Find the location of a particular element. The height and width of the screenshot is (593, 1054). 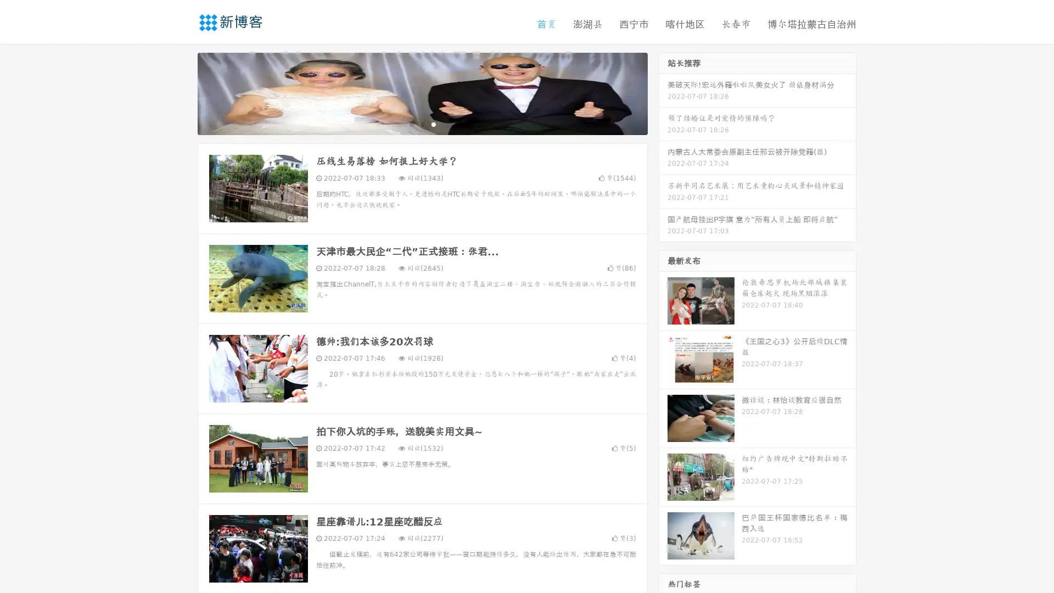

Go to slide 2 is located at coordinates (422, 124).